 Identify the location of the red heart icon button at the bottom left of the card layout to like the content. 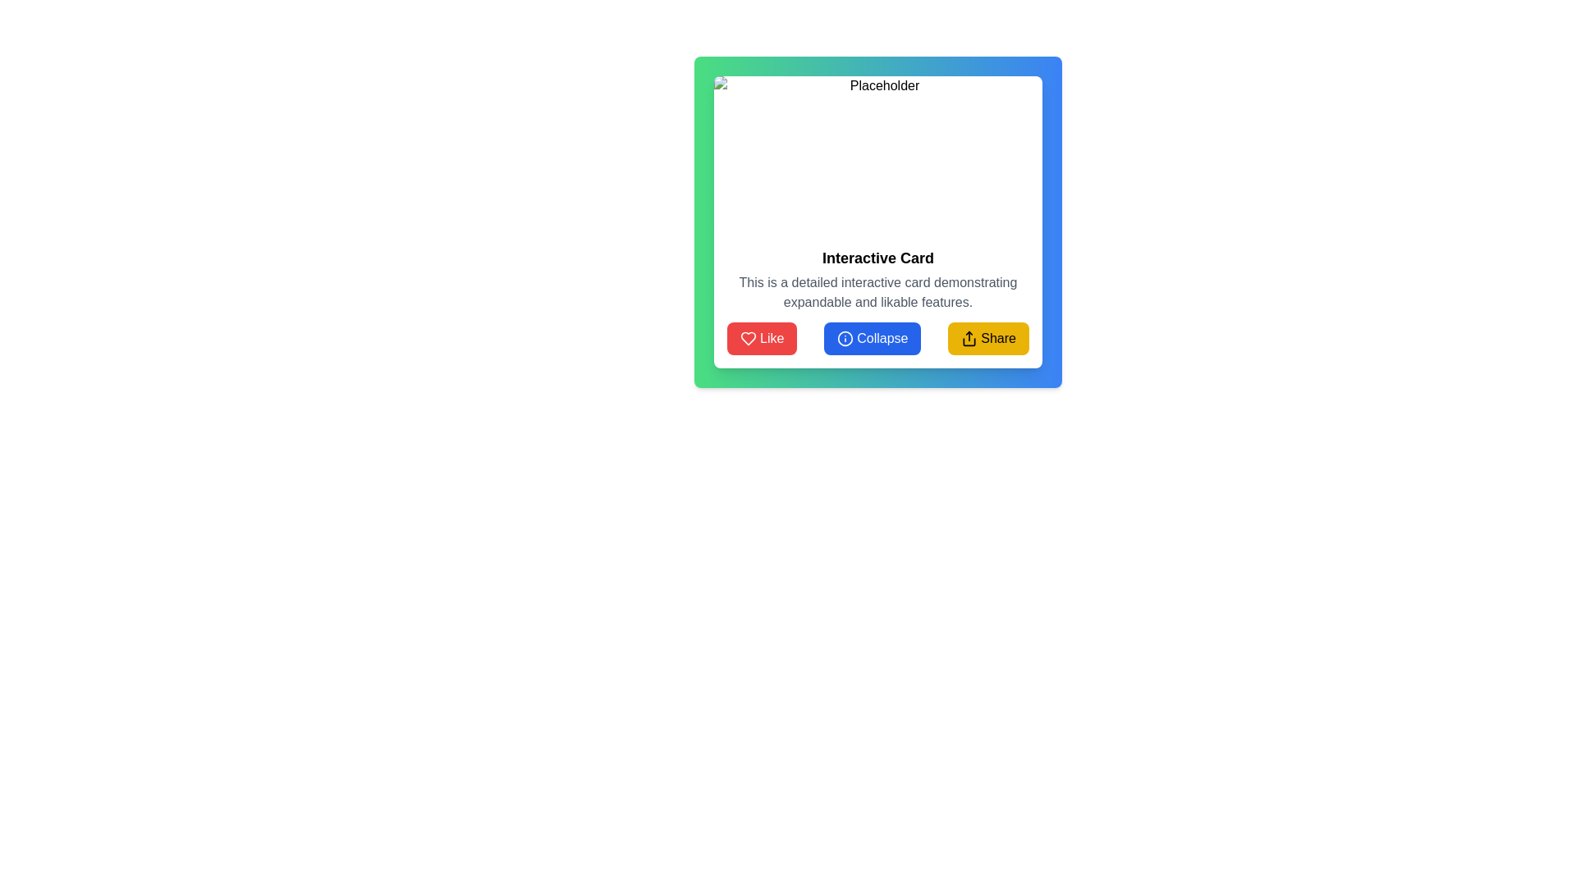
(748, 337).